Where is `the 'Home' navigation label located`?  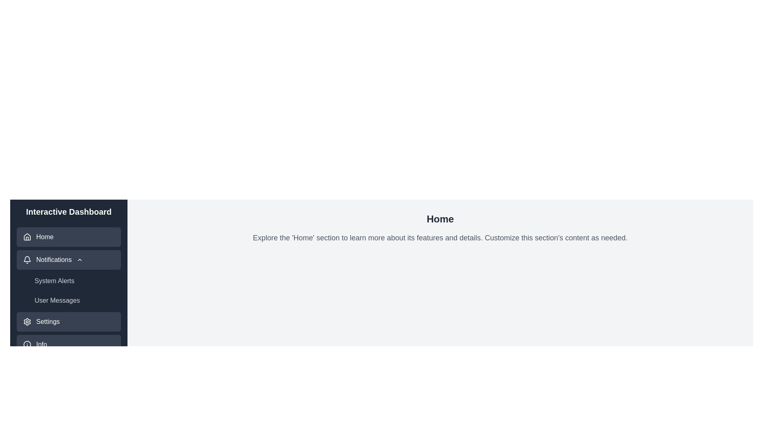 the 'Home' navigation label located is located at coordinates (44, 237).